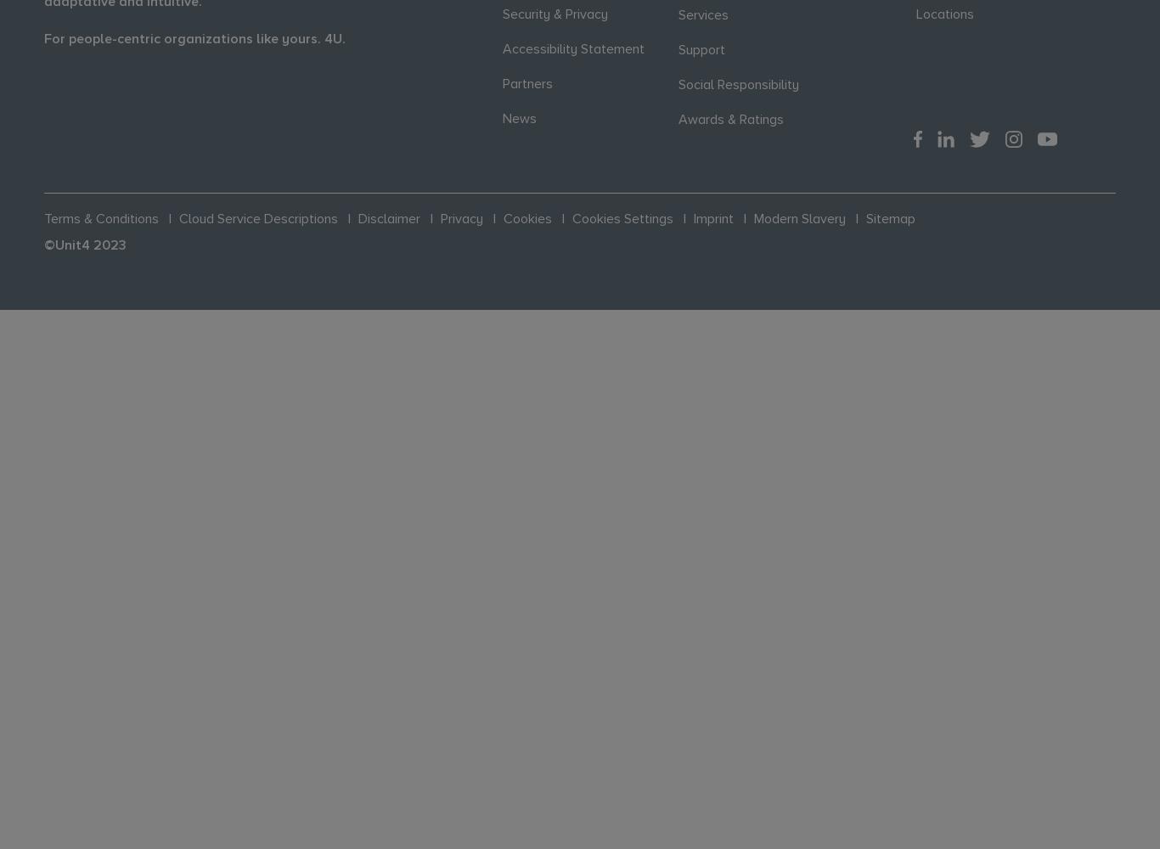 This screenshot has height=849, width=1160. I want to click on 'Sitemap', so click(889, 218).